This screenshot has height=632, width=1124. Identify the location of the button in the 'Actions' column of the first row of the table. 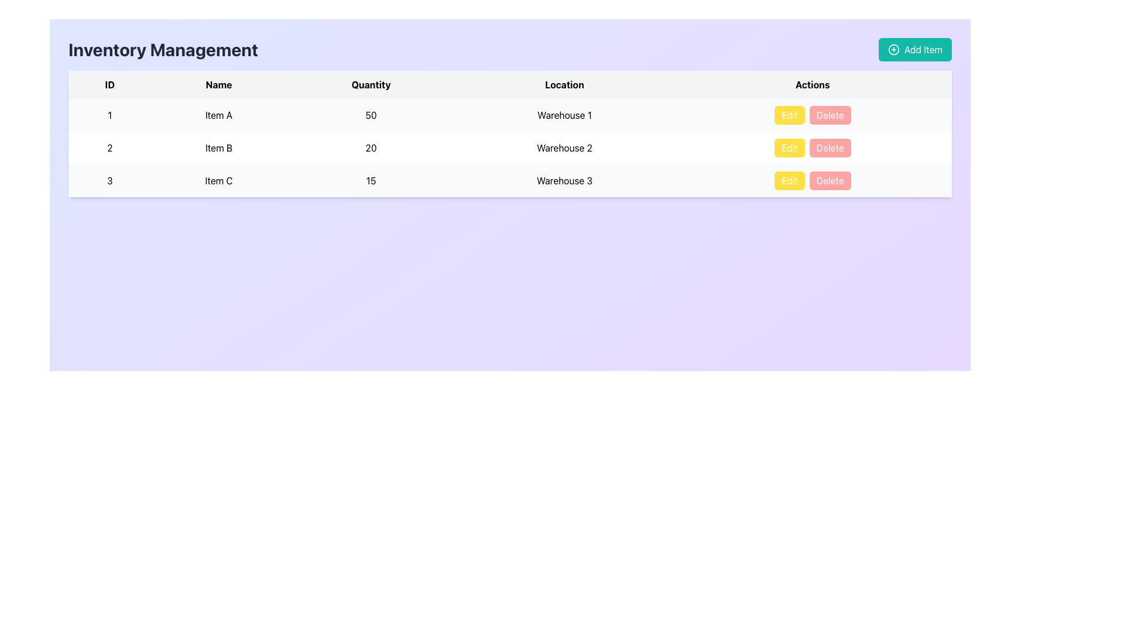
(789, 115).